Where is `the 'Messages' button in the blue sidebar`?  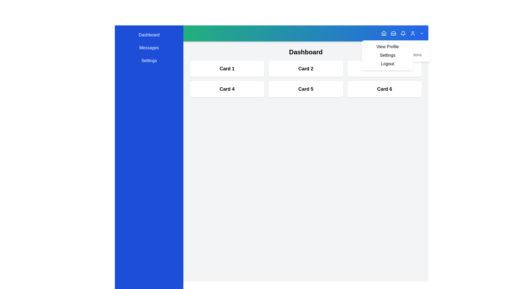 the 'Messages' button in the blue sidebar is located at coordinates (149, 47).